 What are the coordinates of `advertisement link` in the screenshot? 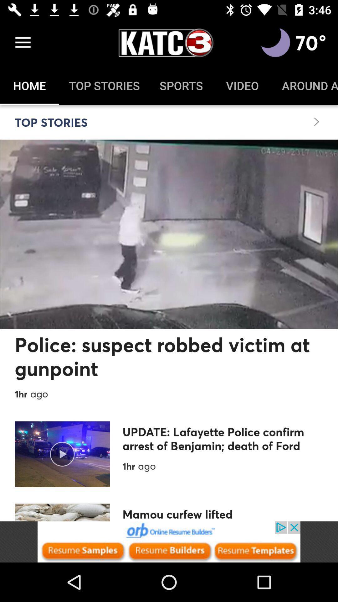 It's located at (169, 541).